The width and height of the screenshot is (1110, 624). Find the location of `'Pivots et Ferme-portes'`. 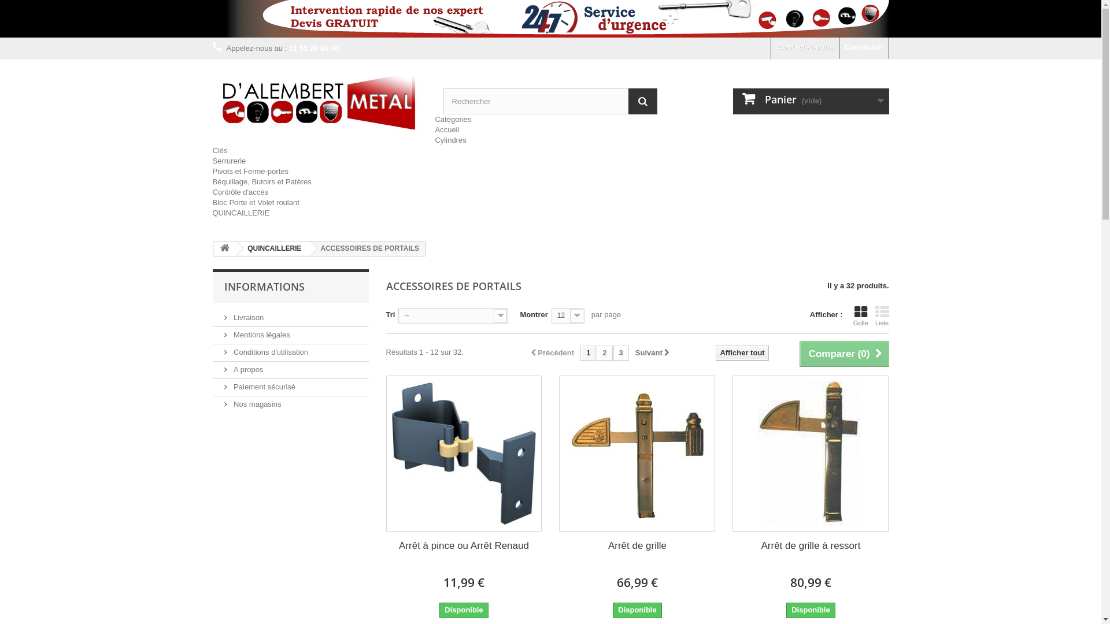

'Pivots et Ferme-portes' is located at coordinates (213, 171).